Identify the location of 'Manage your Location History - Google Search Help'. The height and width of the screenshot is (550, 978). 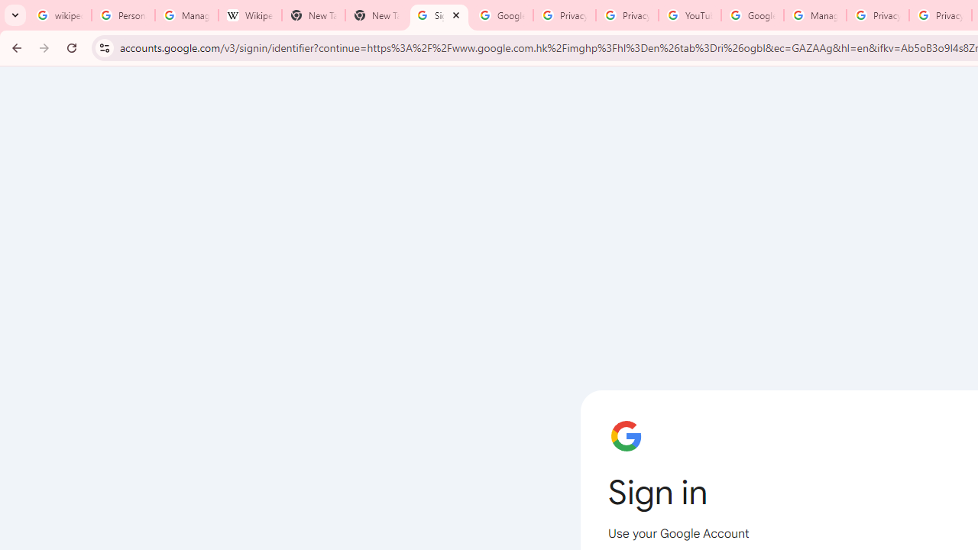
(186, 15).